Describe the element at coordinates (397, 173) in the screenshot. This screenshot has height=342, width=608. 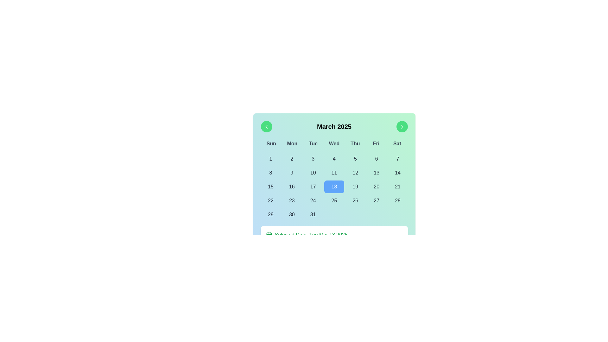
I see `the calendar day cell displaying the number '14'` at that location.